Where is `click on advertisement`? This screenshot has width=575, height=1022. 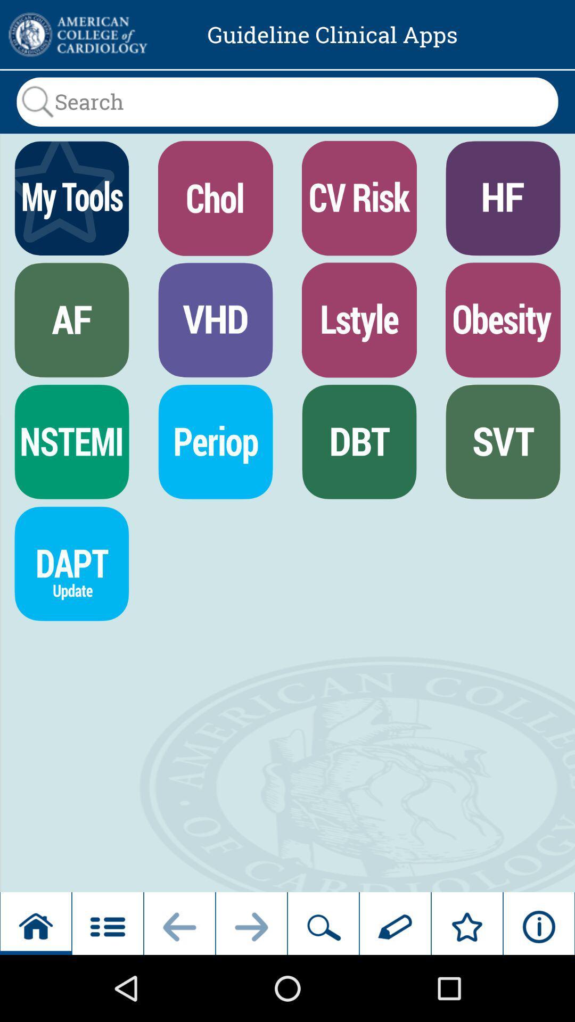
click on advertisement is located at coordinates (77, 35).